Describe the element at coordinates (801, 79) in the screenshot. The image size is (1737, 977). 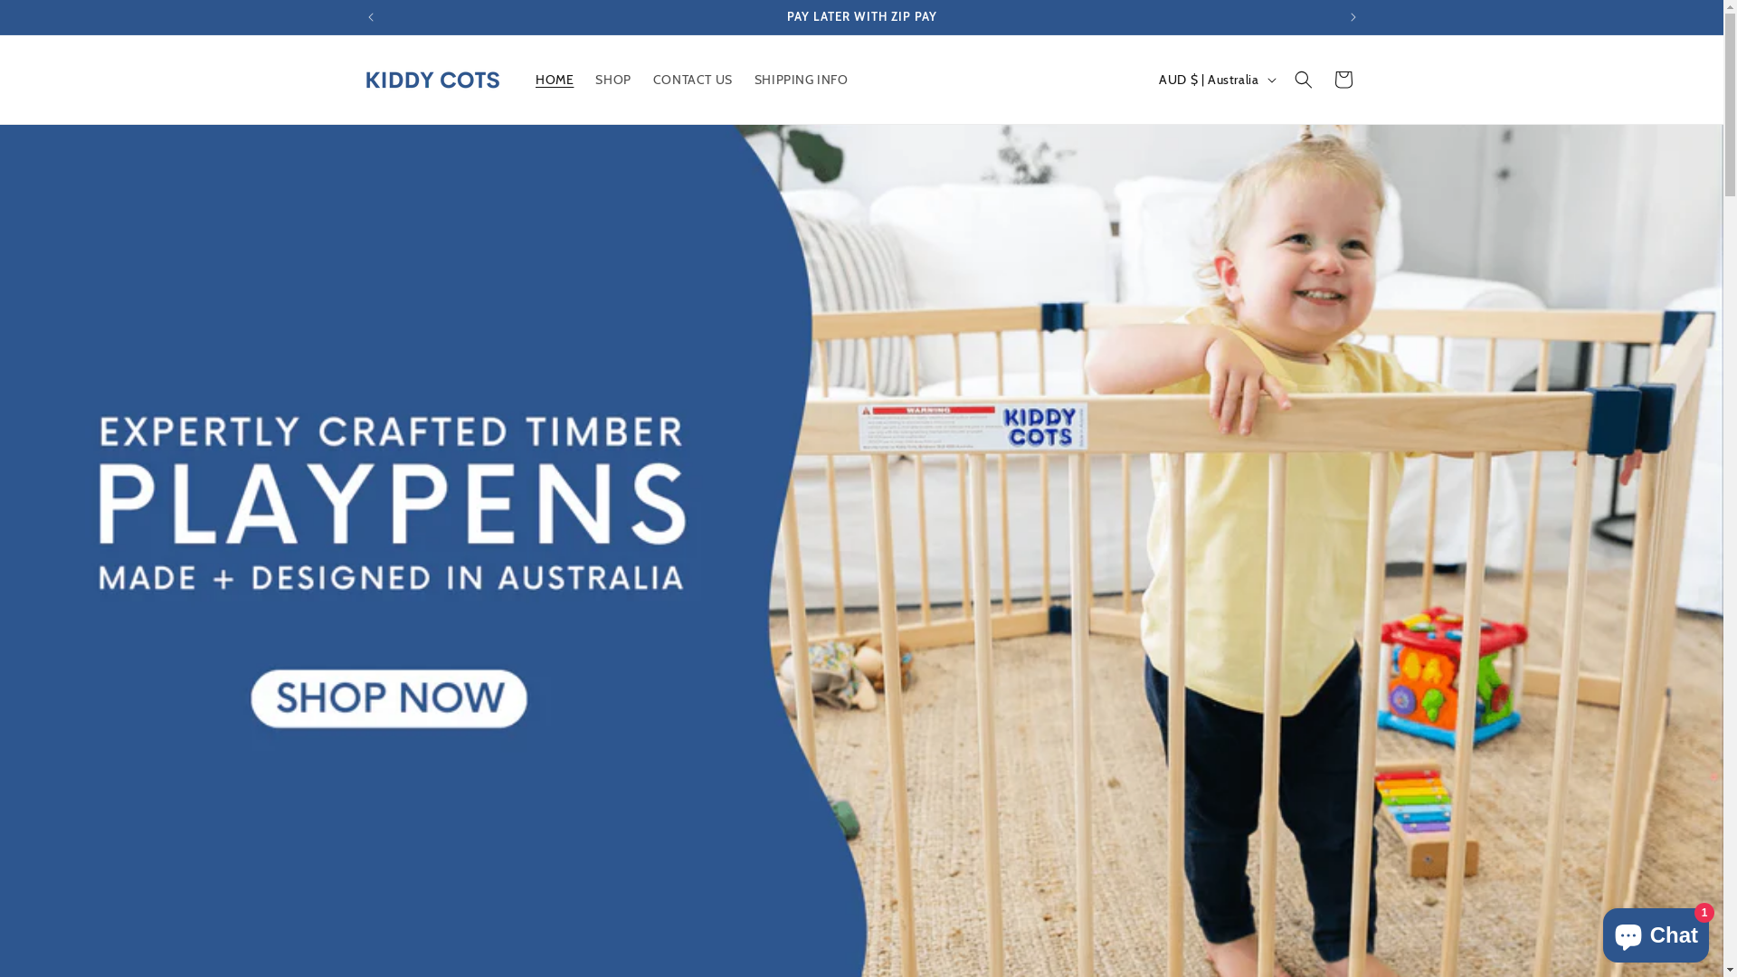
I see `'SHIPPING INFO'` at that location.